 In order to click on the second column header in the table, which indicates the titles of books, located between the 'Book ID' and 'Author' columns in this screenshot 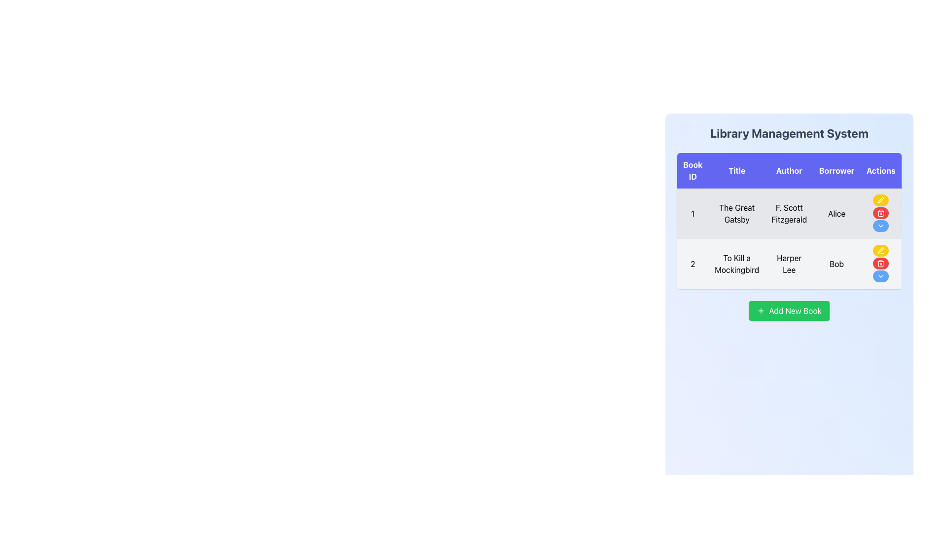, I will do `click(737, 170)`.